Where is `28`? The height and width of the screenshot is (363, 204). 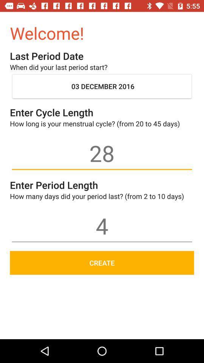 28 is located at coordinates (102, 153).